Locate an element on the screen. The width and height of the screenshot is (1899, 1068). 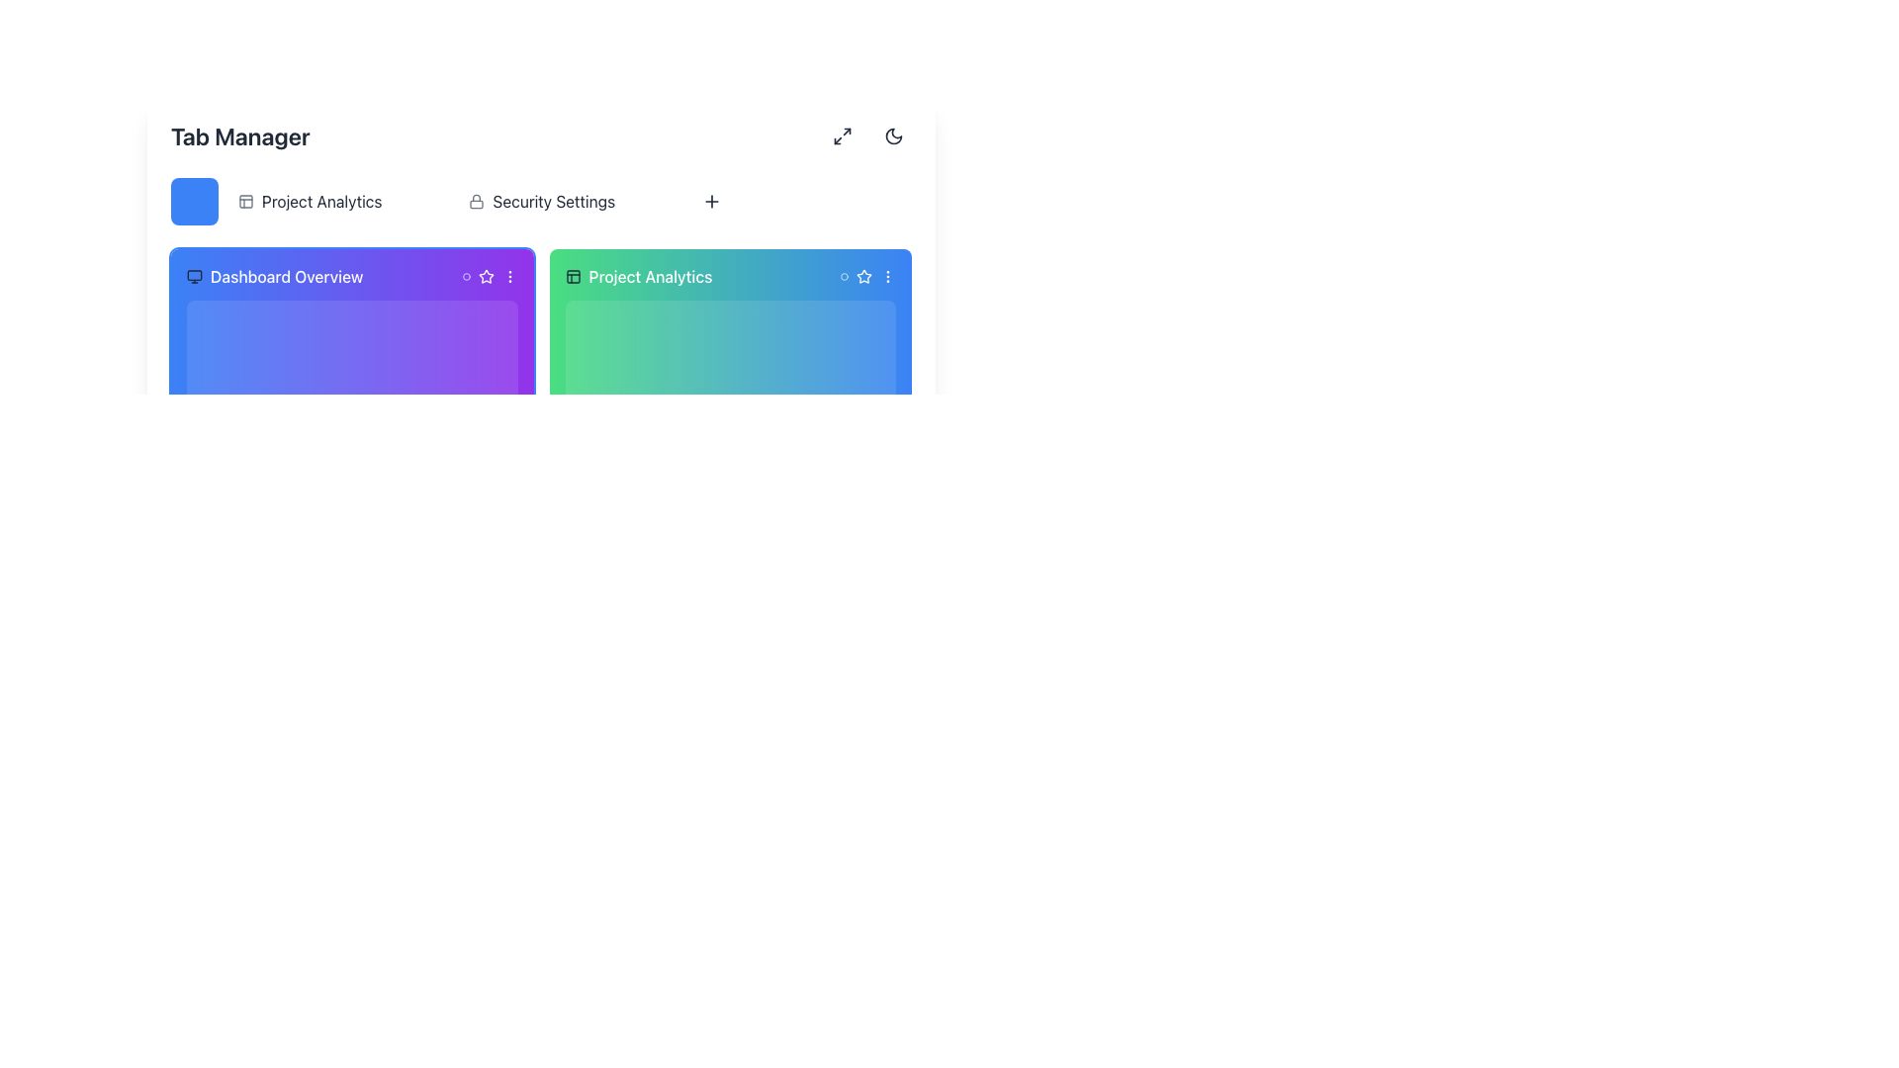
the gray grid-like SVG icon representing a graphical layout, which is located to the left of the 'Project Analytics' text in the top navigation bar is located at coordinates (245, 202).